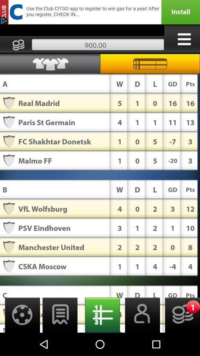 The width and height of the screenshot is (200, 356). I want to click on the list icon, so click(100, 337).